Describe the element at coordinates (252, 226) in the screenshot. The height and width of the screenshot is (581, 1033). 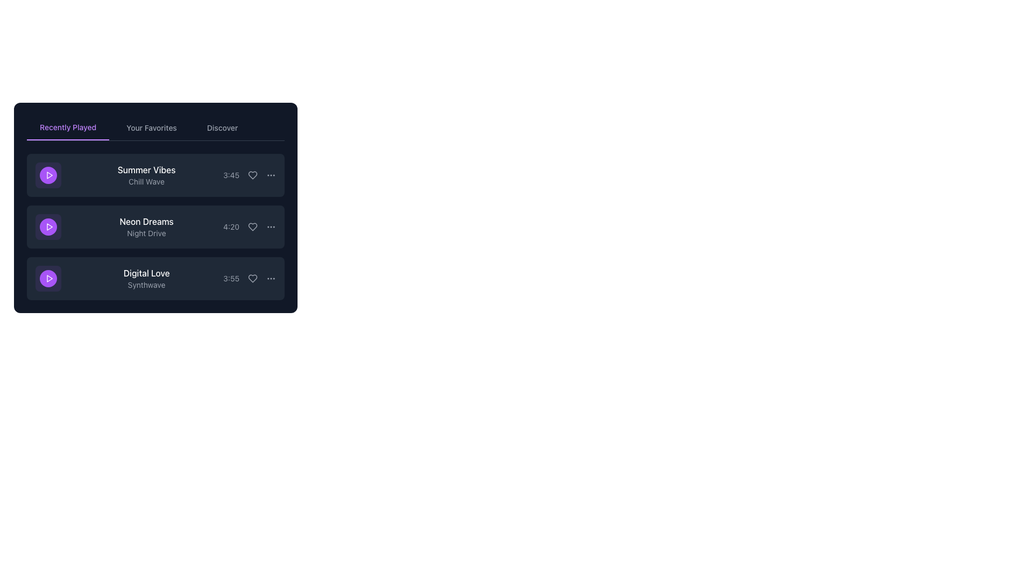
I see `the heart icon located to the right of the time display '4:20' for the 'Neon Dreams' track` at that location.